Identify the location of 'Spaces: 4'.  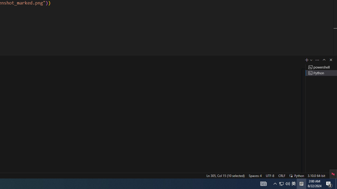
(255, 175).